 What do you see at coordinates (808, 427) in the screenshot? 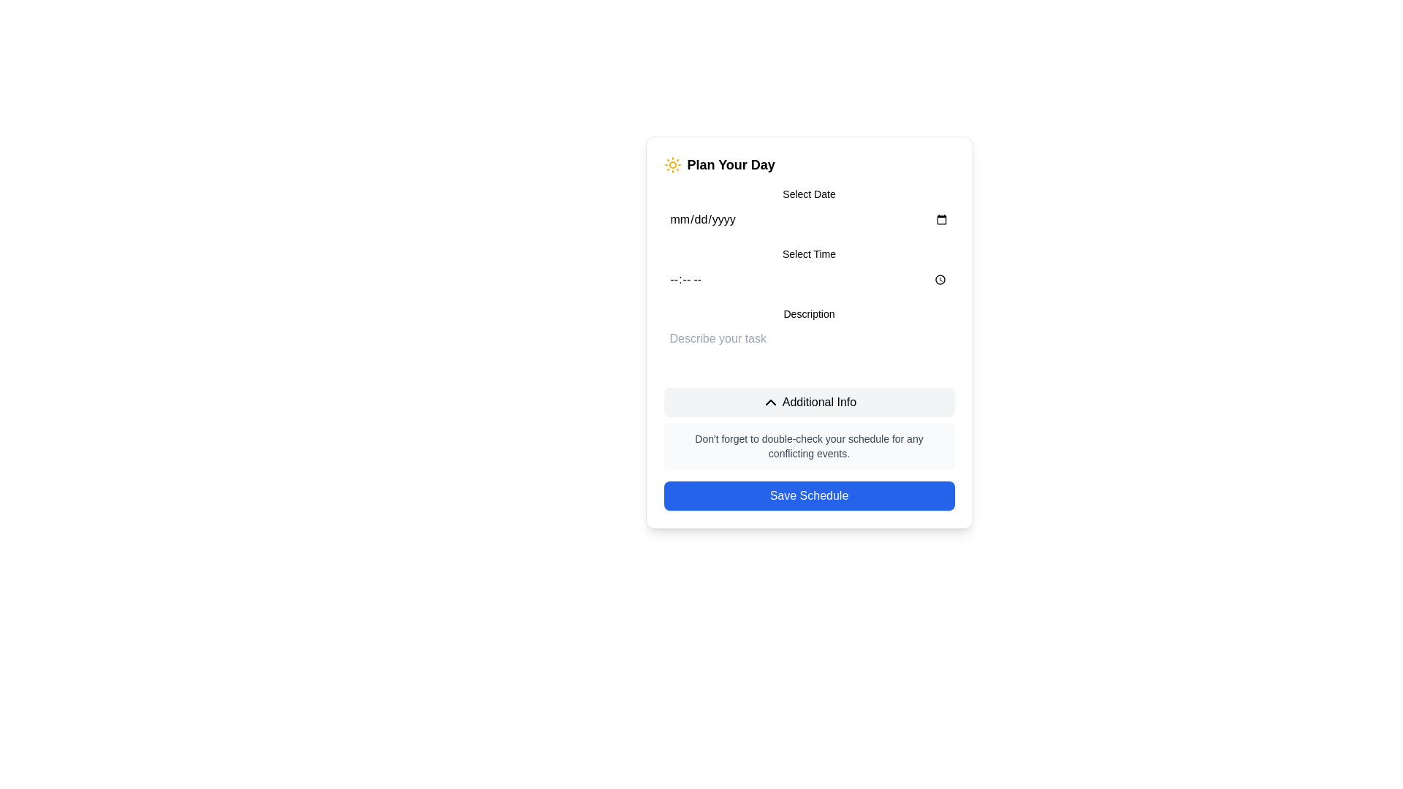
I see `informational content displayed in the panel located below the 'Description' section and above the 'Save Schedule' button, which provides additional notes or reminders related to scheduling` at bounding box center [808, 427].